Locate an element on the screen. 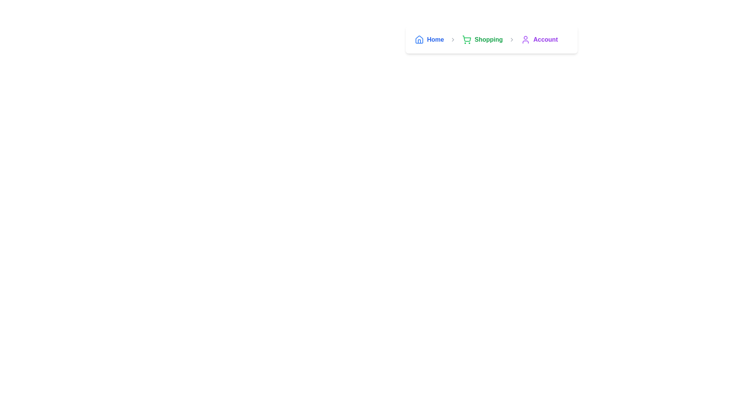 Image resolution: width=734 pixels, height=413 pixels. the 'Shopping' hyperlink located in the upper-right area of the page, styled in bold green font is located at coordinates (488, 40).